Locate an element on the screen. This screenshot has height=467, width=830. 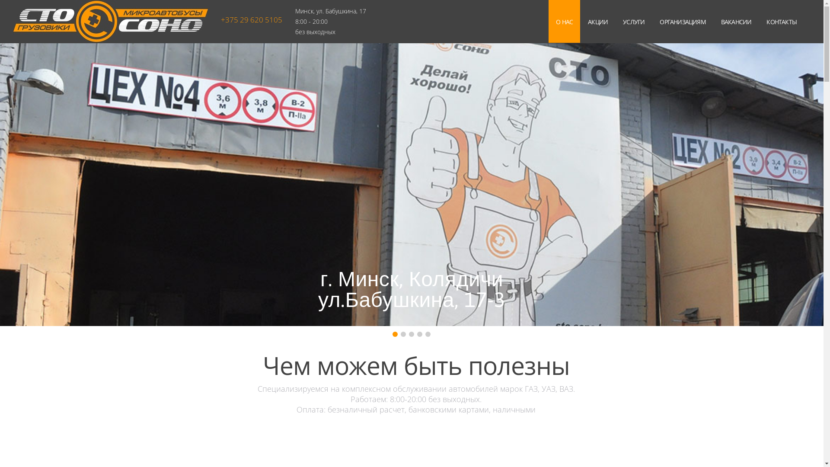
'+375 29 620 5105' is located at coordinates (251, 19).